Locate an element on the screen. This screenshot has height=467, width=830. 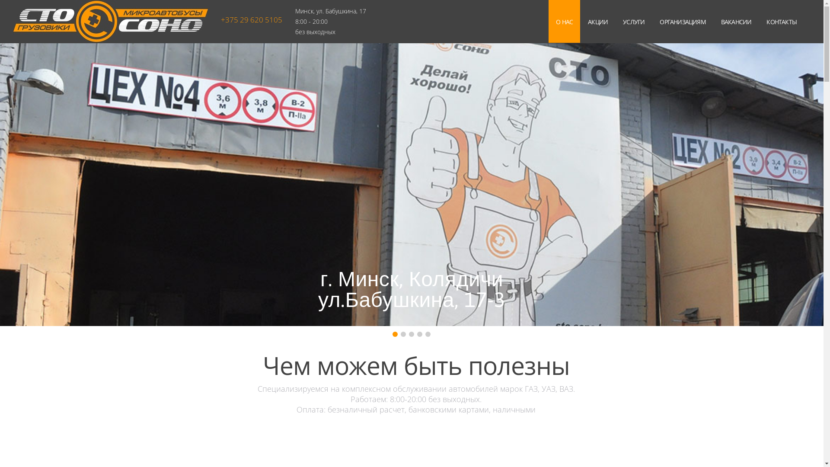
'+375 29 620 5105' is located at coordinates (251, 19).